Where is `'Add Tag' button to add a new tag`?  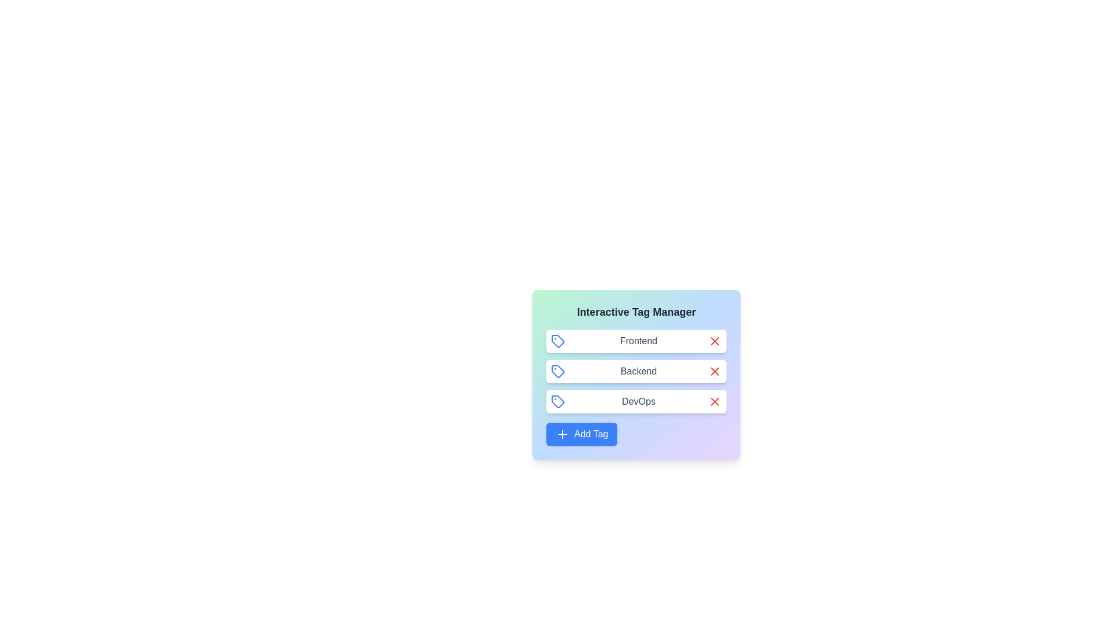
'Add Tag' button to add a new tag is located at coordinates (582, 434).